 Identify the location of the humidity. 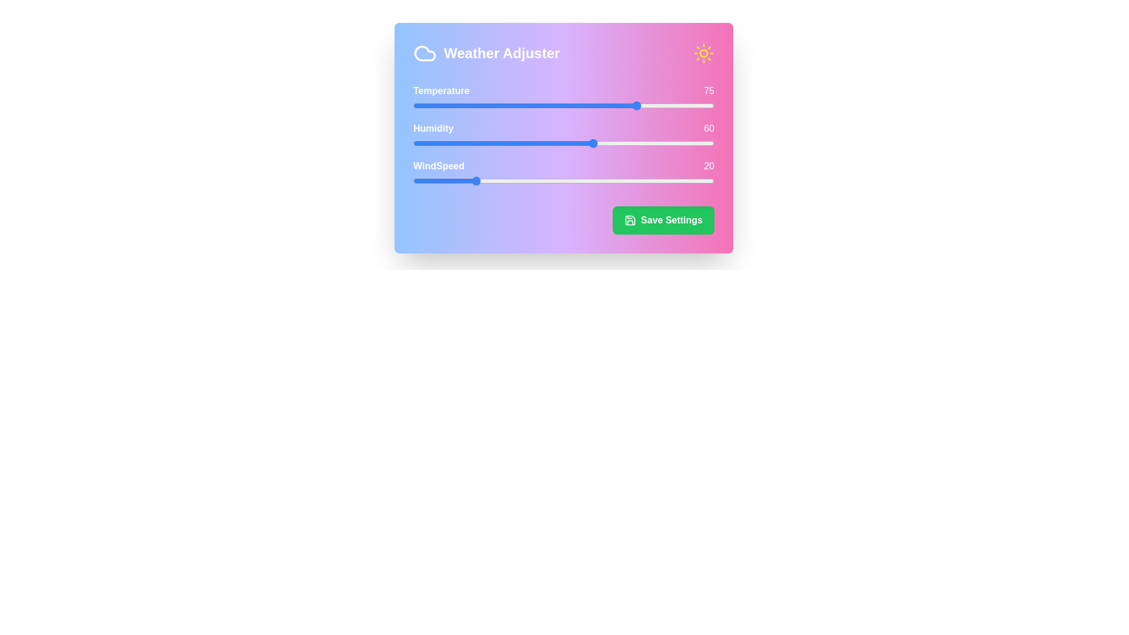
(495, 142).